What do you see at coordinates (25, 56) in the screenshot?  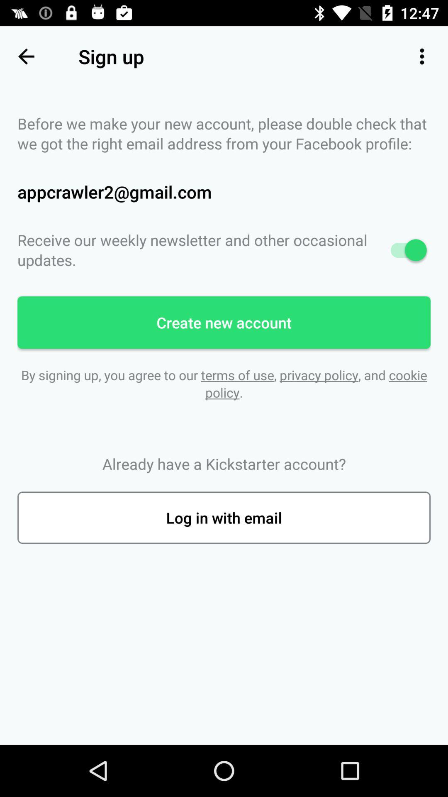 I see `item above the before we make item` at bounding box center [25, 56].